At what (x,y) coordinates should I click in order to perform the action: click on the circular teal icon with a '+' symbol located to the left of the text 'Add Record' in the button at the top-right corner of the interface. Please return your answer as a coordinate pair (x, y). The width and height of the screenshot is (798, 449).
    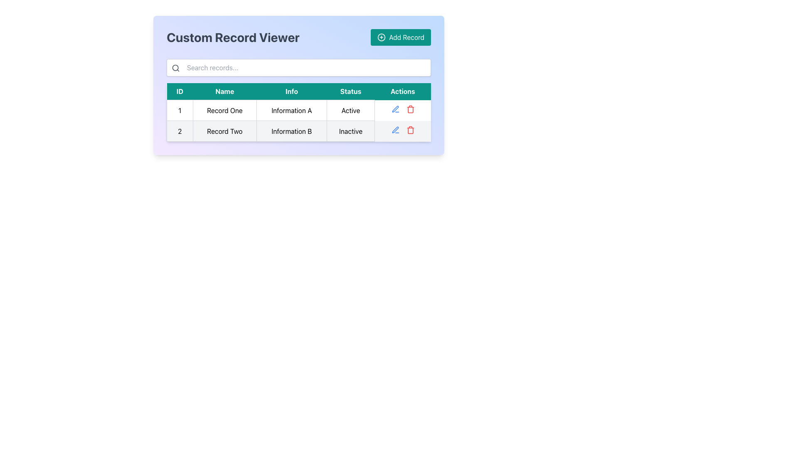
    Looking at the image, I should click on (381, 37).